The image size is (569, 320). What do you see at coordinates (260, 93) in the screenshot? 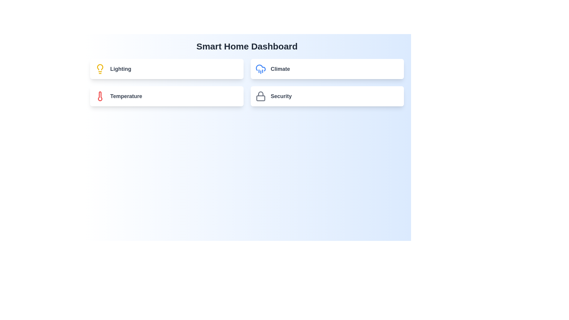
I see `the shackle part of the lock icon in the 'Security' section, located in the bottom-right corner of the dashboard` at bounding box center [260, 93].